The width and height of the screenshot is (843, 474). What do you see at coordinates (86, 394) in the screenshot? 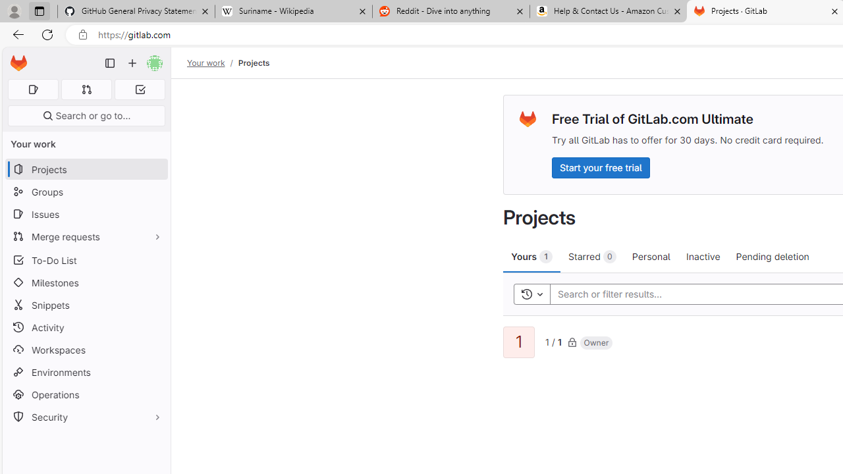
I see `'Operations'` at bounding box center [86, 394].